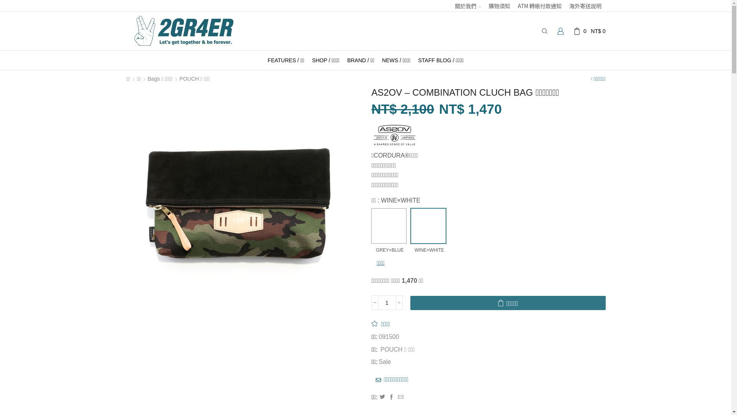 The width and height of the screenshot is (737, 415). I want to click on 'Mail to friend', so click(399, 397).